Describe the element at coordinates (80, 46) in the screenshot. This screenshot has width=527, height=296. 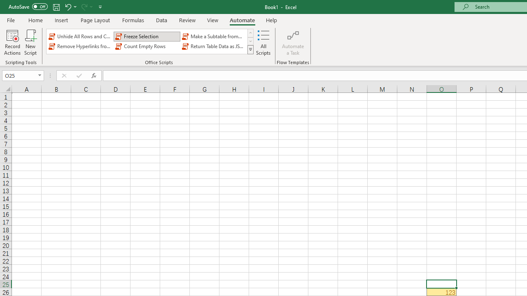
I see `'Remove Hyperlinks from Sheet'` at that location.